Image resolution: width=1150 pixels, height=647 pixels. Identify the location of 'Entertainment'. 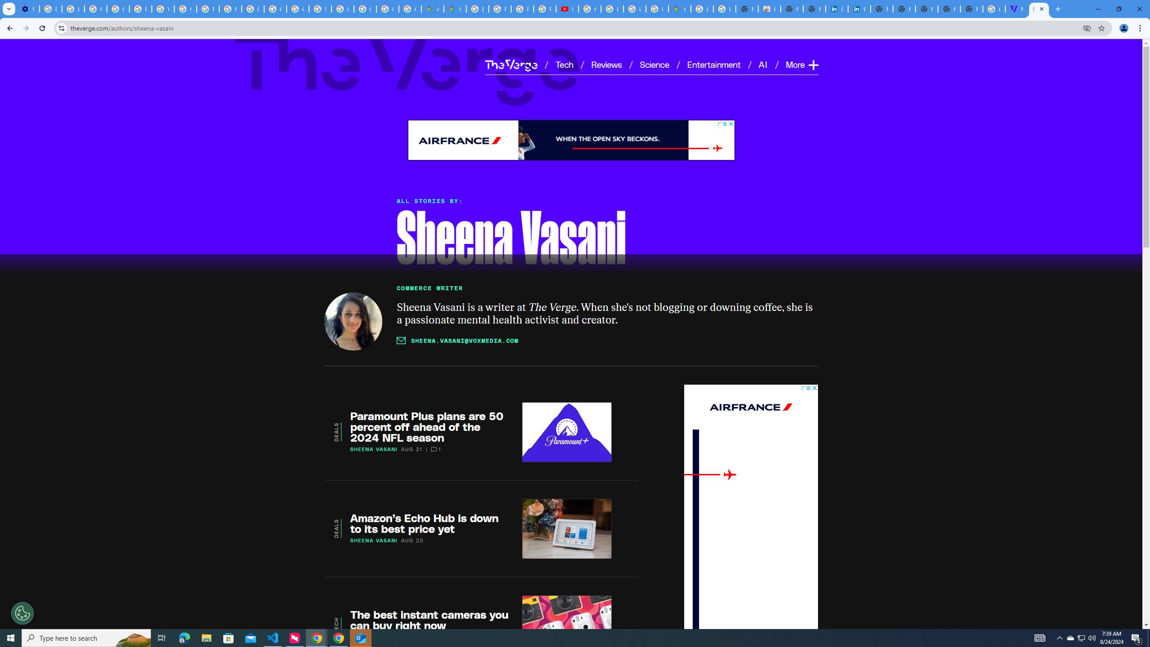
(714, 64).